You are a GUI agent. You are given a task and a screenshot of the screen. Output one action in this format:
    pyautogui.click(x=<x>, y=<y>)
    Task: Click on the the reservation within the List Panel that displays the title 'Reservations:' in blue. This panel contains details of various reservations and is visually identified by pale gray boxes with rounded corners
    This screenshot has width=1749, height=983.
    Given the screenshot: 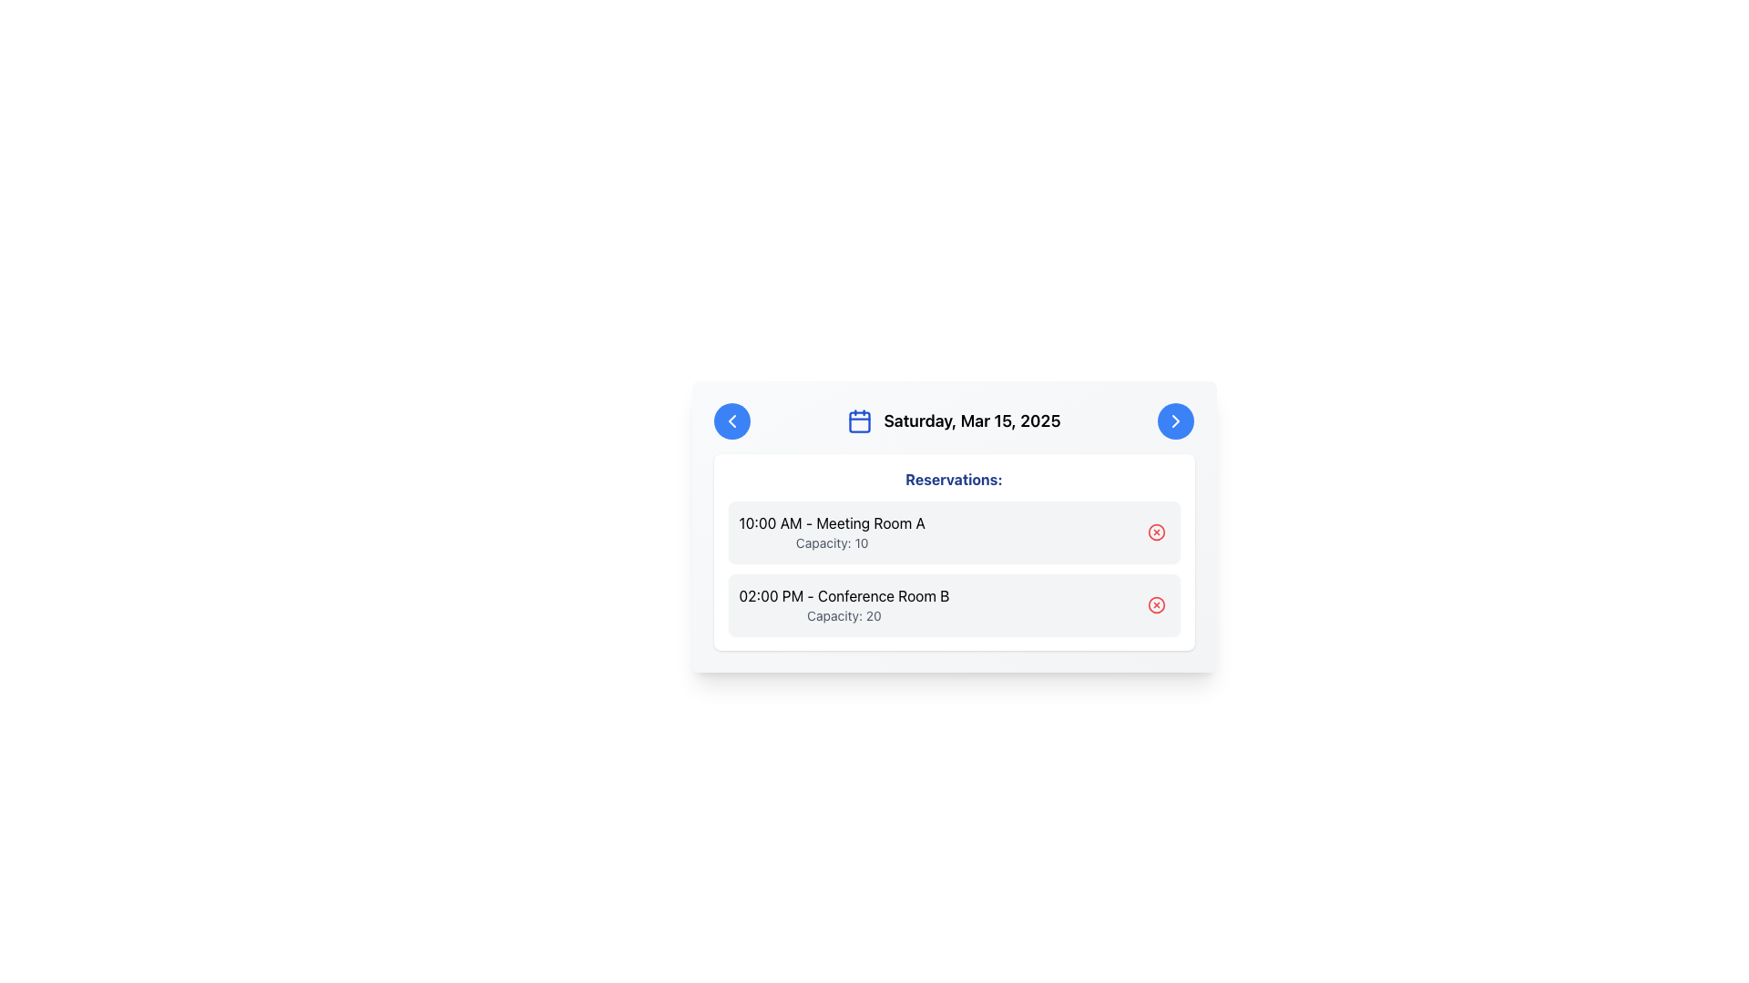 What is the action you would take?
    pyautogui.click(x=953, y=551)
    